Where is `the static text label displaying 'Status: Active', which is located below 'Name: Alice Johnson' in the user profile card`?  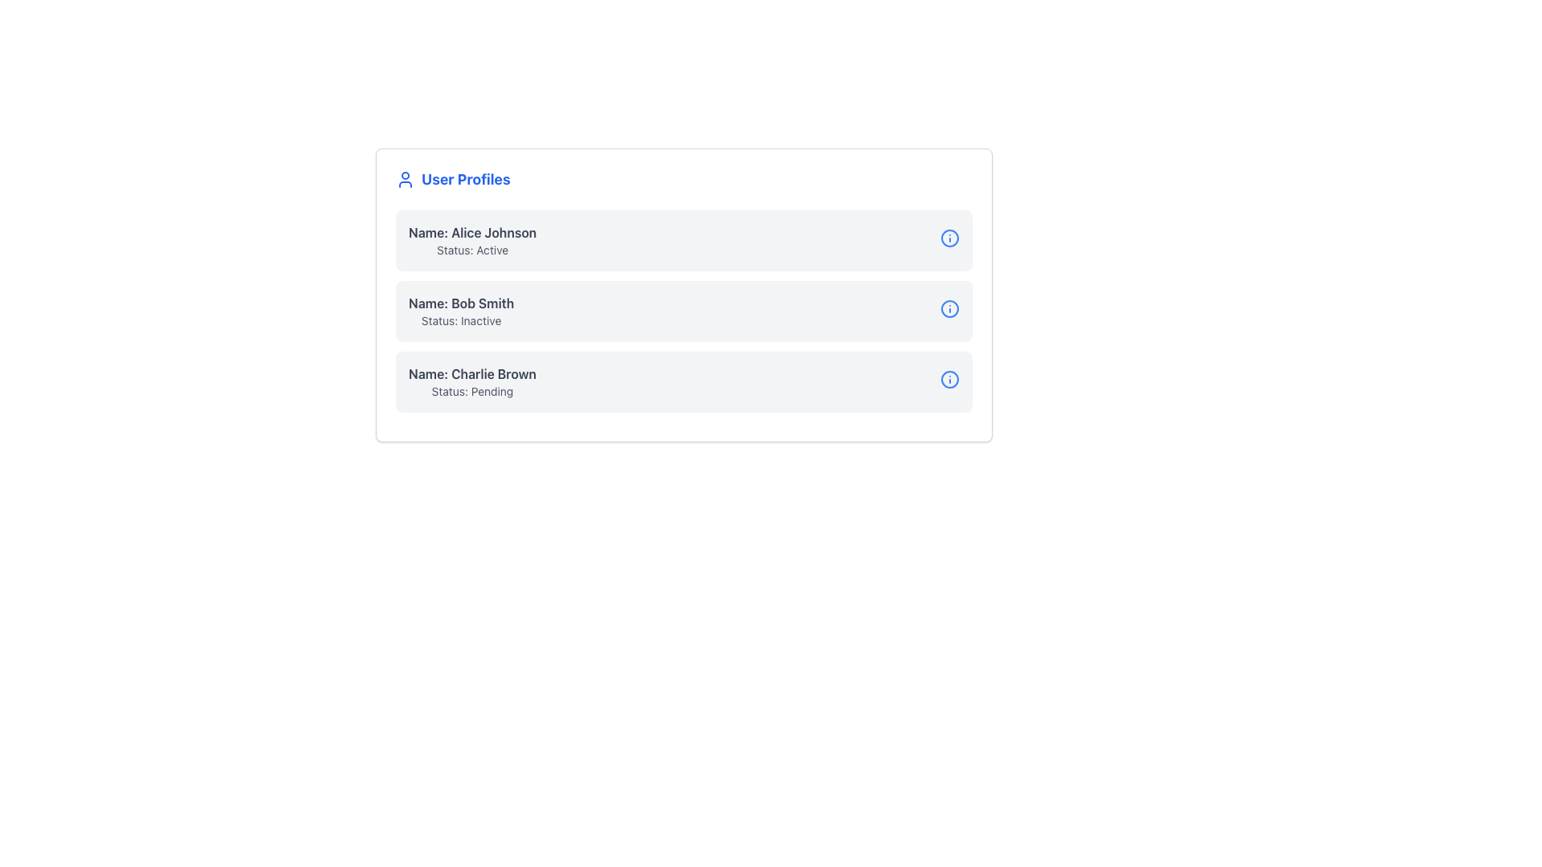
the static text label displaying 'Status: Active', which is located below 'Name: Alice Johnson' in the user profile card is located at coordinates (471, 250).